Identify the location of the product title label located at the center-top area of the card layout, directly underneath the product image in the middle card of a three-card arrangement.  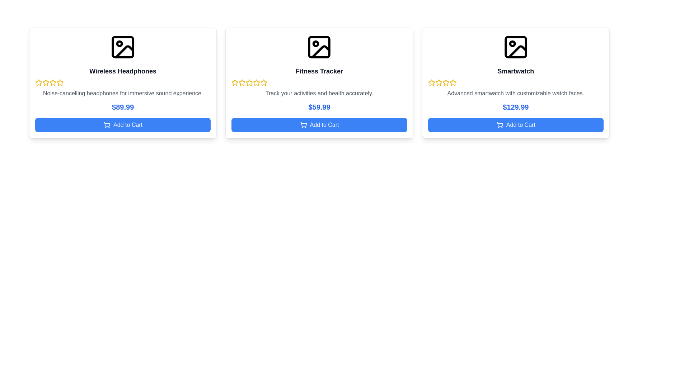
(319, 71).